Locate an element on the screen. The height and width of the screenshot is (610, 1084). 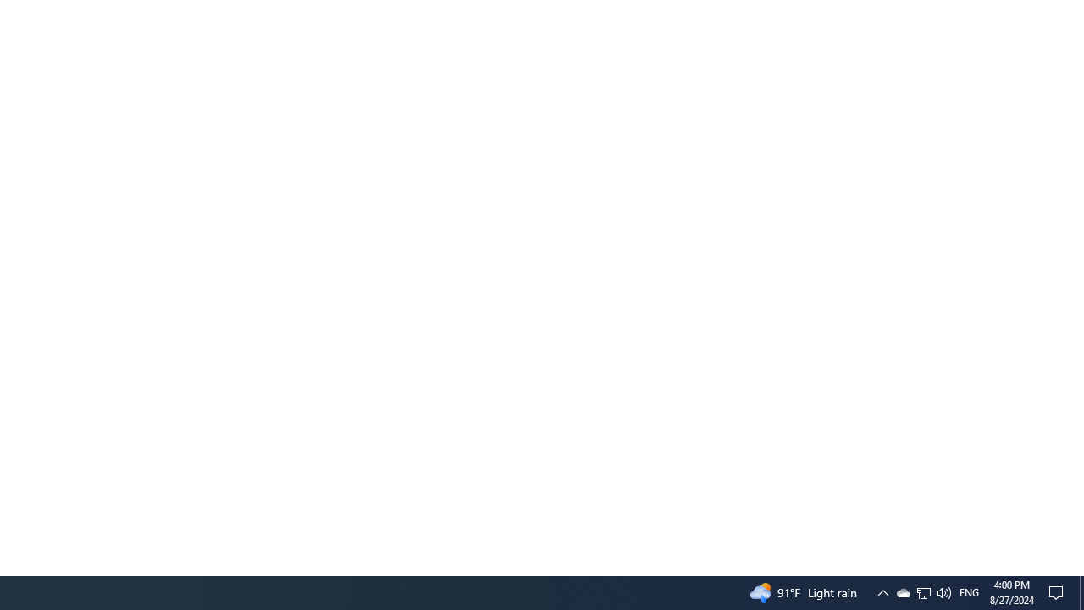
'Notification Chevron' is located at coordinates (882, 591).